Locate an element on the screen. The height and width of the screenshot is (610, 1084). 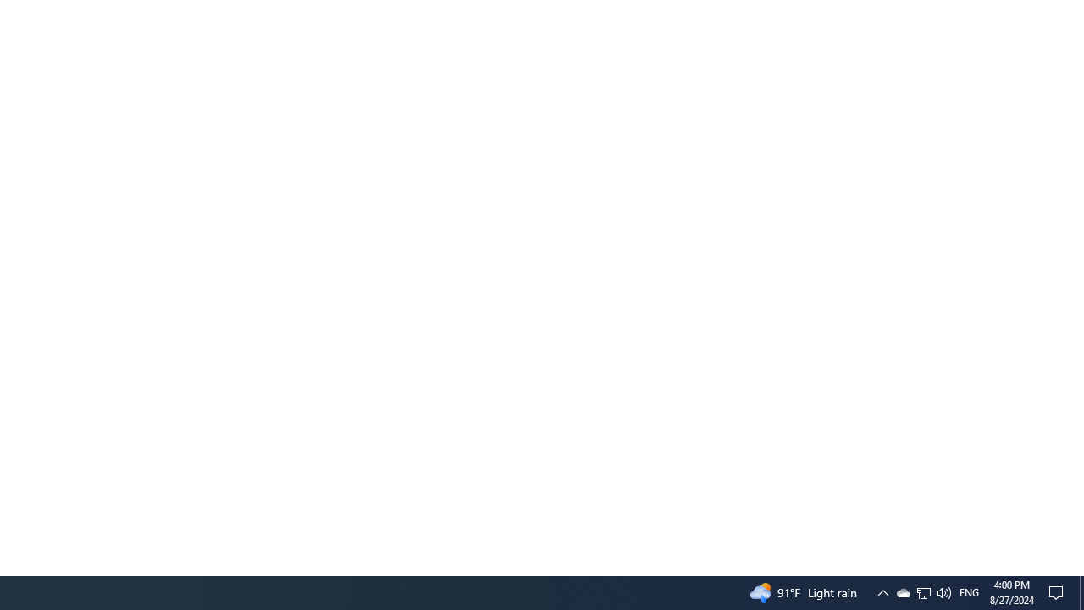
'Notification Chevron' is located at coordinates (882, 591).